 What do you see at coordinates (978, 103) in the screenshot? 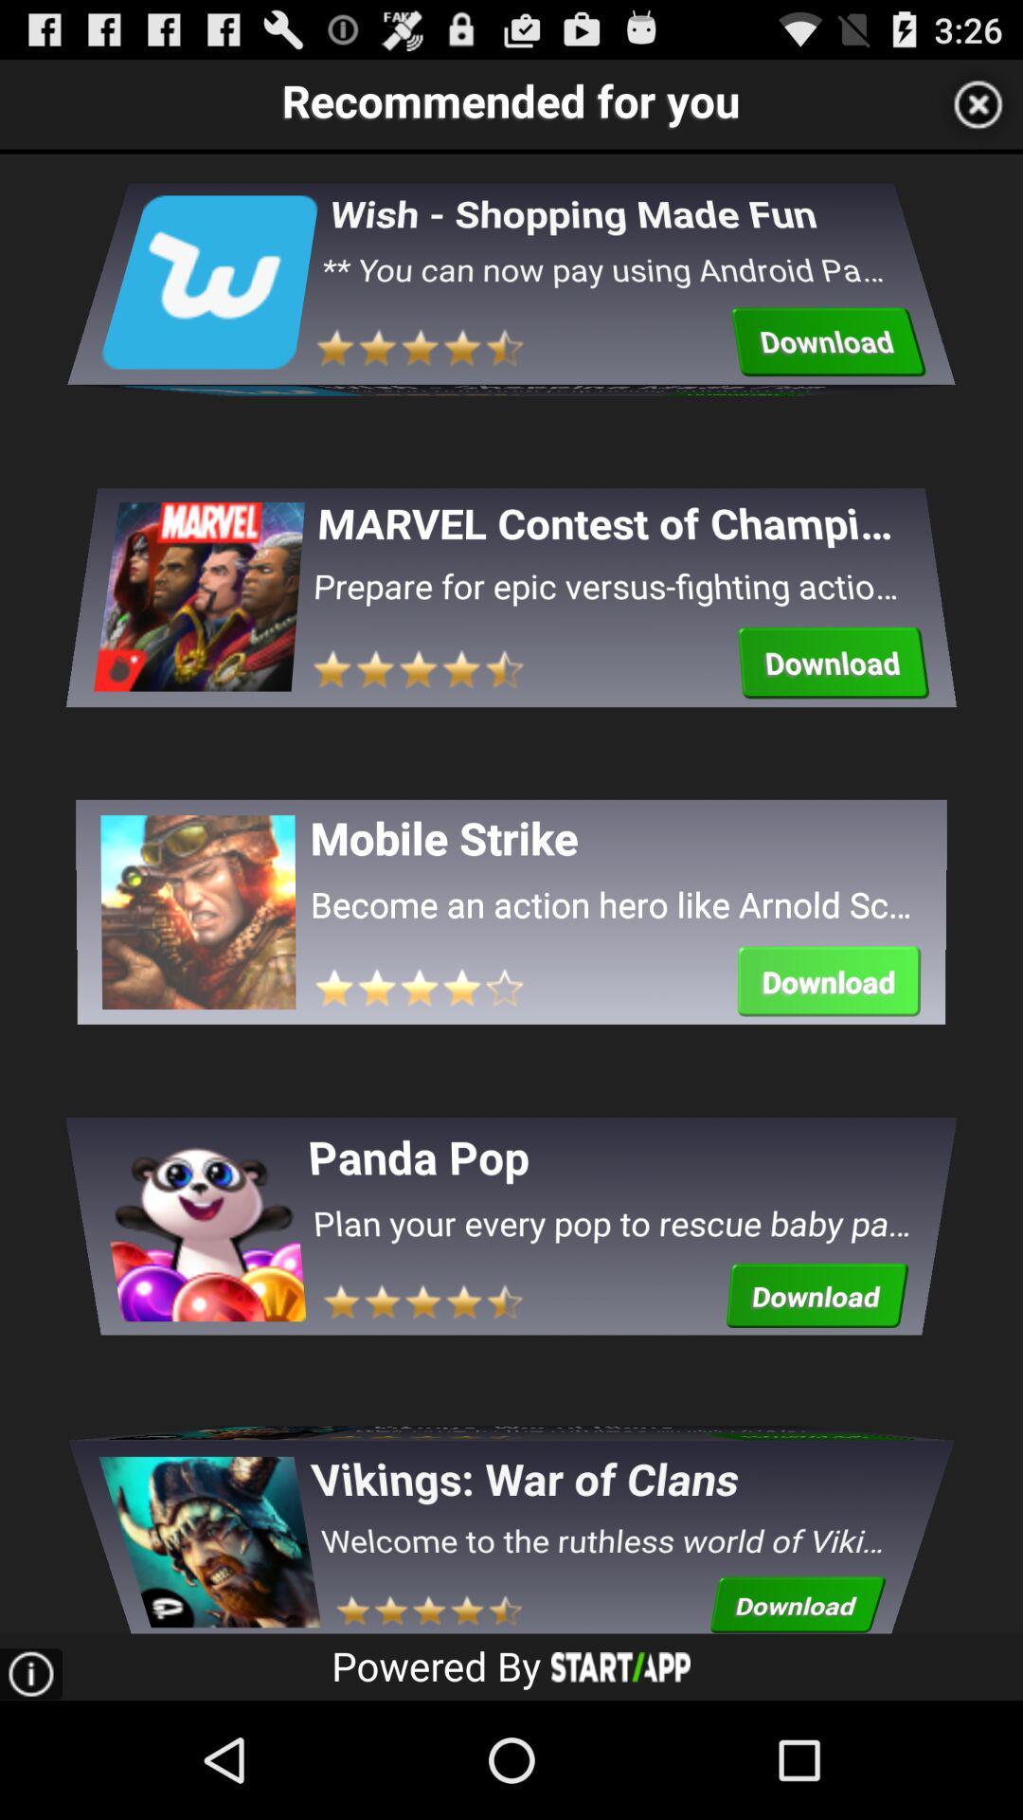
I see `item next to recommended for you app` at bounding box center [978, 103].